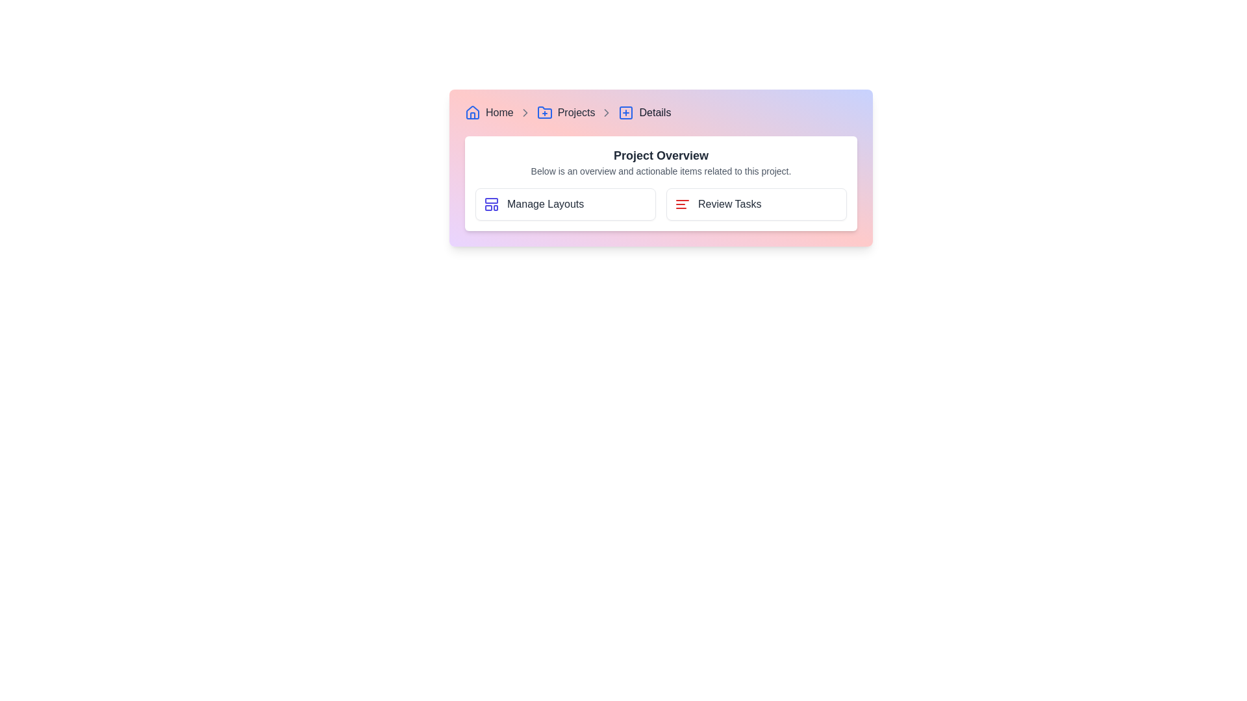 The image size is (1247, 701). What do you see at coordinates (472, 112) in the screenshot?
I see `the blue house-shaped icon in the breadcrumb navigation bar` at bounding box center [472, 112].